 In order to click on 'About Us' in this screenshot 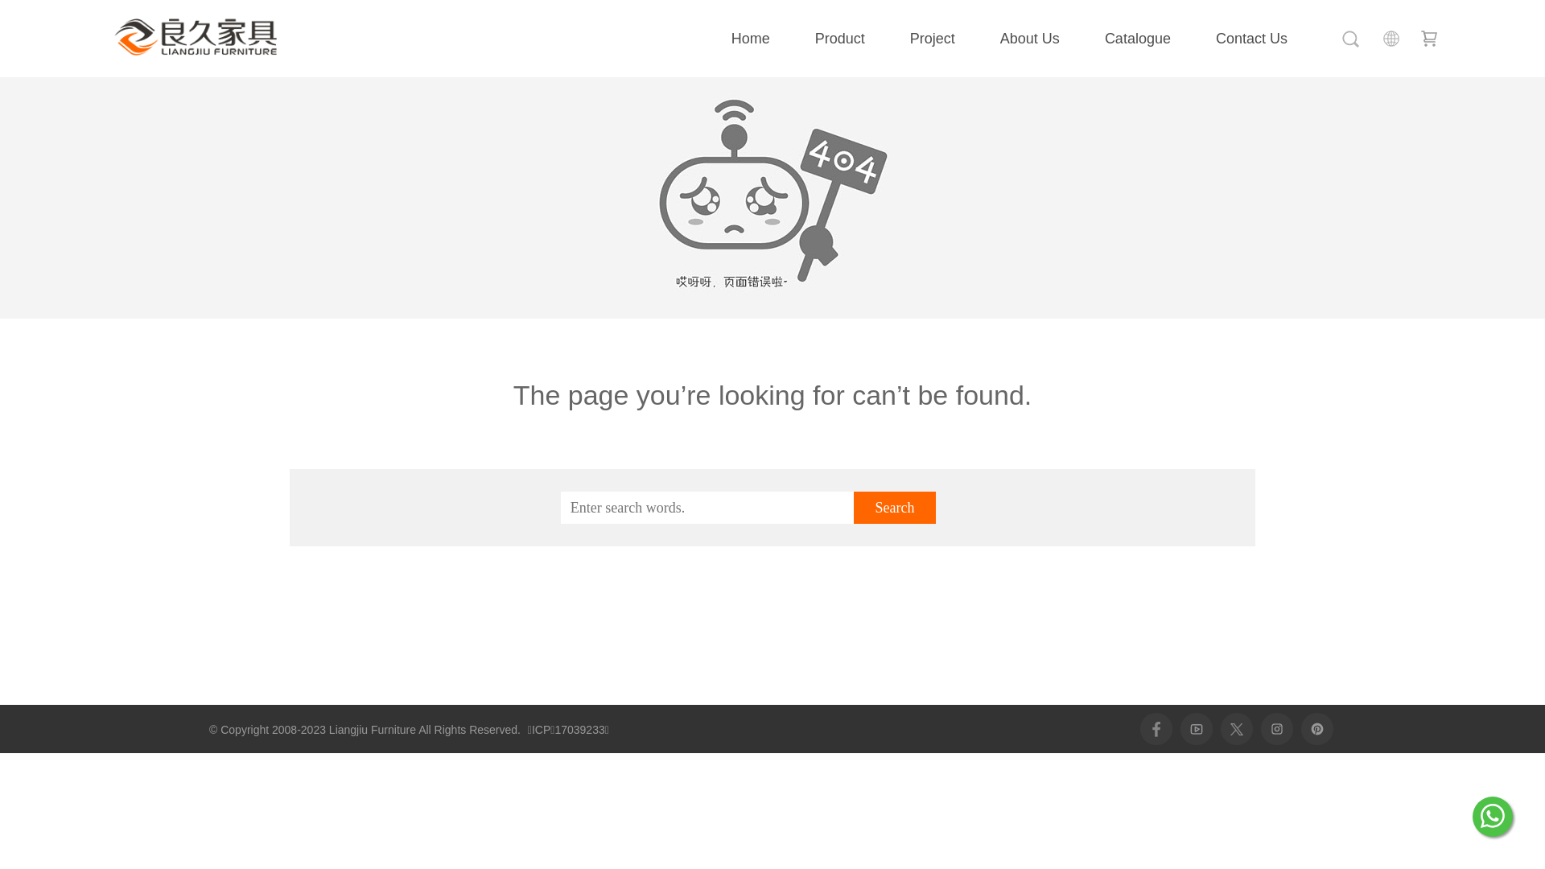, I will do `click(1030, 37)`.